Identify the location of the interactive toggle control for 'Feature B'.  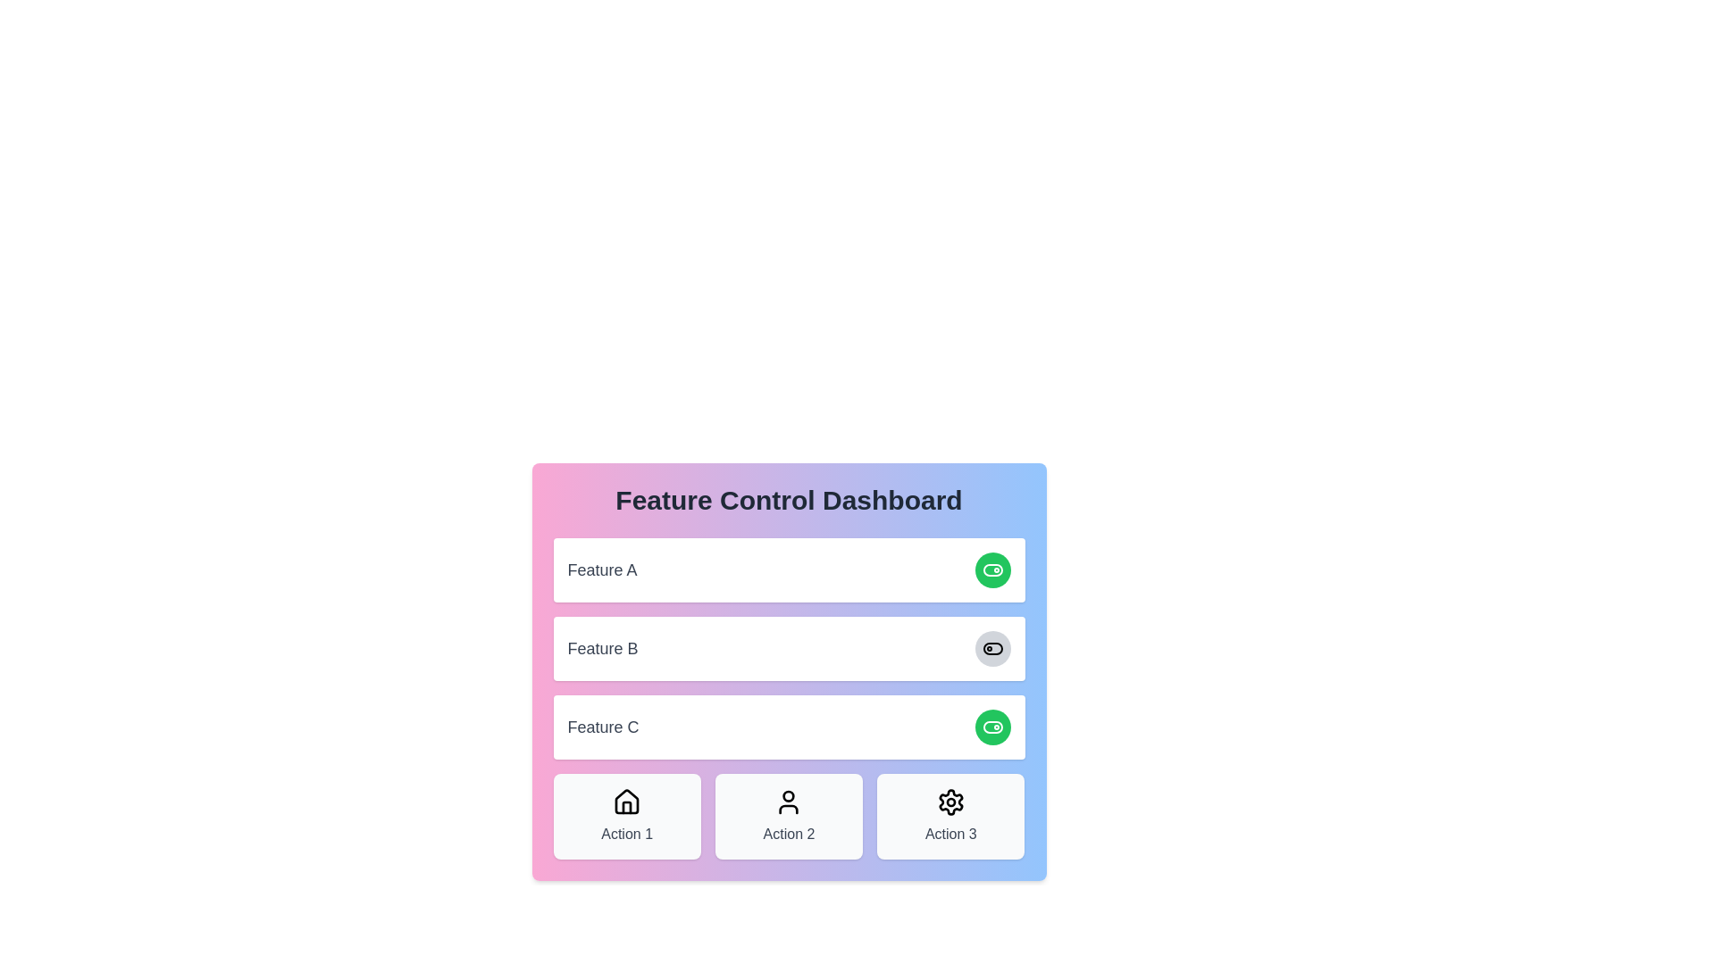
(788, 648).